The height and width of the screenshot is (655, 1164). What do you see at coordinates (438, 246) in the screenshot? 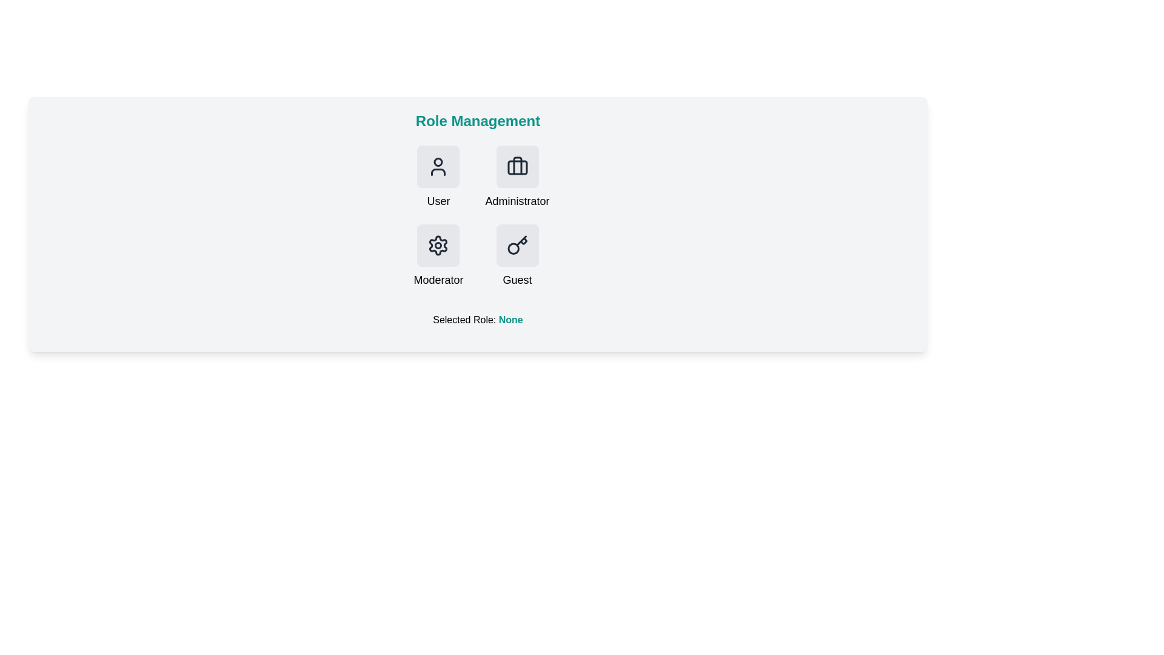
I see `the square button with rounded corners and a gear icon in dark gray, located under the 'Role Management' heading` at bounding box center [438, 246].